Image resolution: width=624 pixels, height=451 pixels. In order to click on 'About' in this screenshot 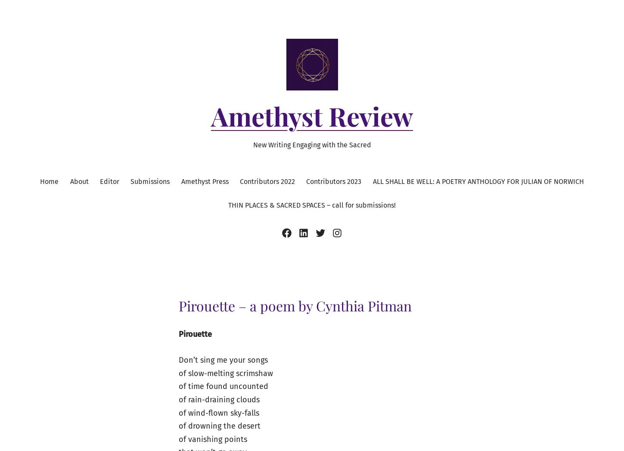, I will do `click(78, 181)`.